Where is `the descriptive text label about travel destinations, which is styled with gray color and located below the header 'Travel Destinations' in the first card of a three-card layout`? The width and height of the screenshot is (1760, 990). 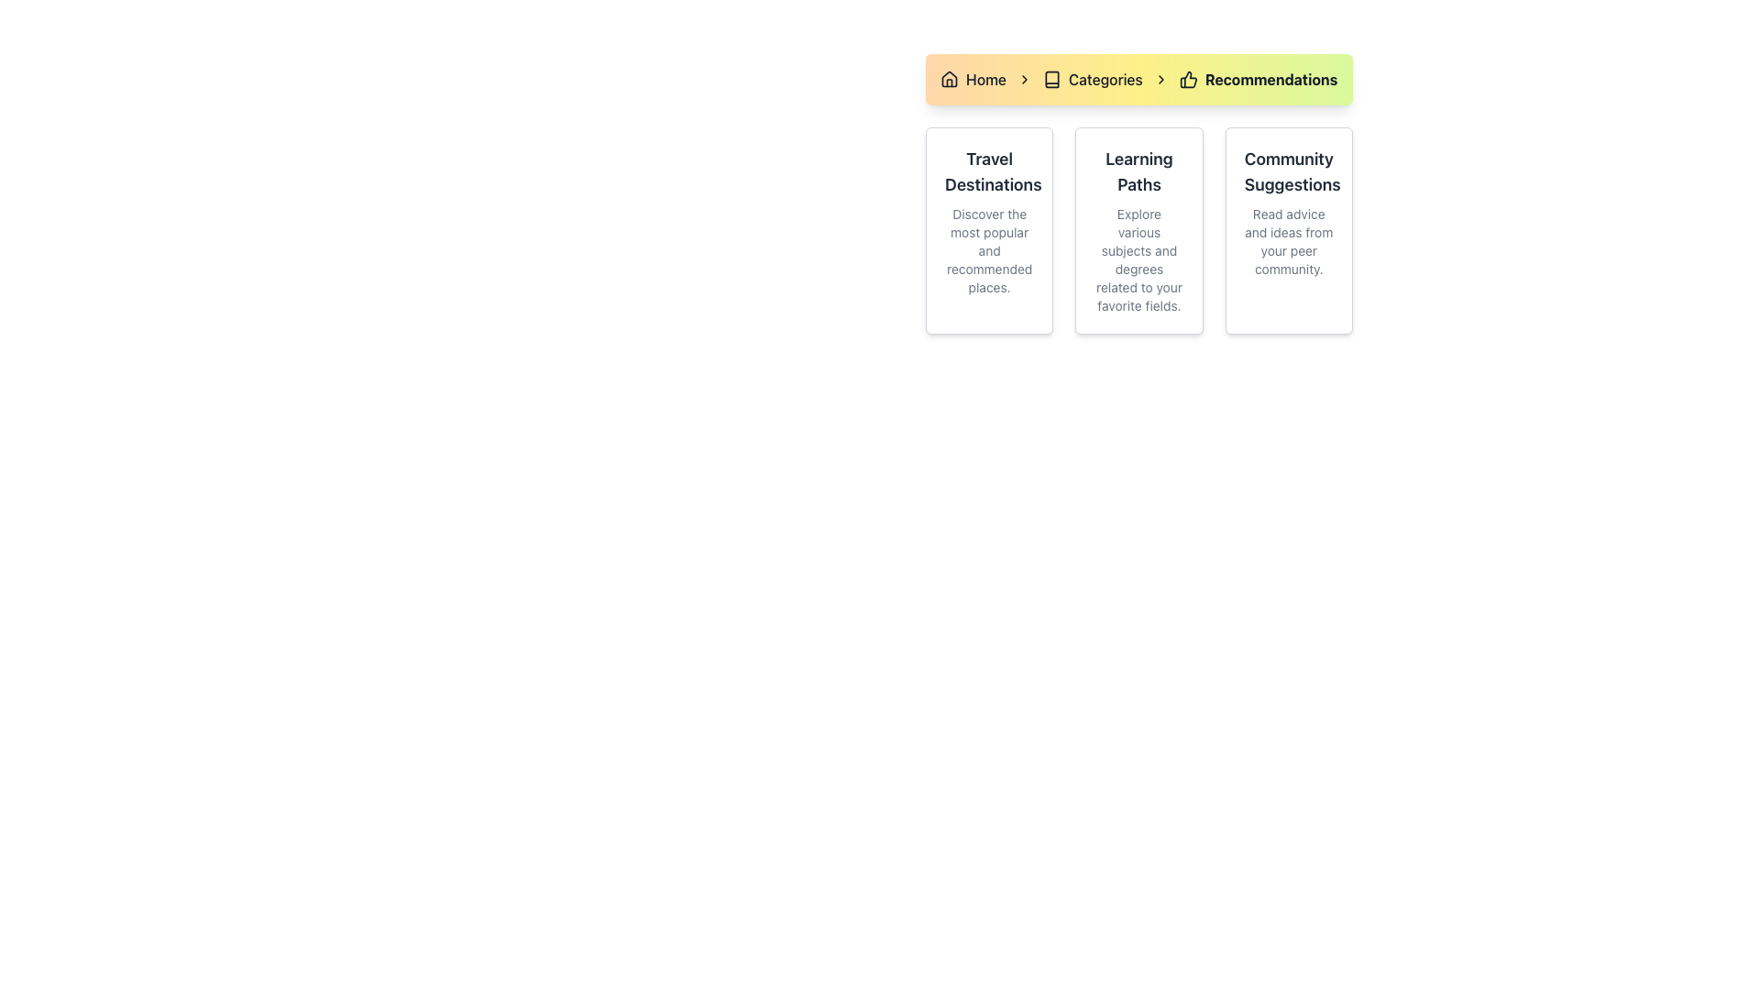
the descriptive text label about travel destinations, which is styled with gray color and located below the header 'Travel Destinations' in the first card of a three-card layout is located at coordinates (988, 250).